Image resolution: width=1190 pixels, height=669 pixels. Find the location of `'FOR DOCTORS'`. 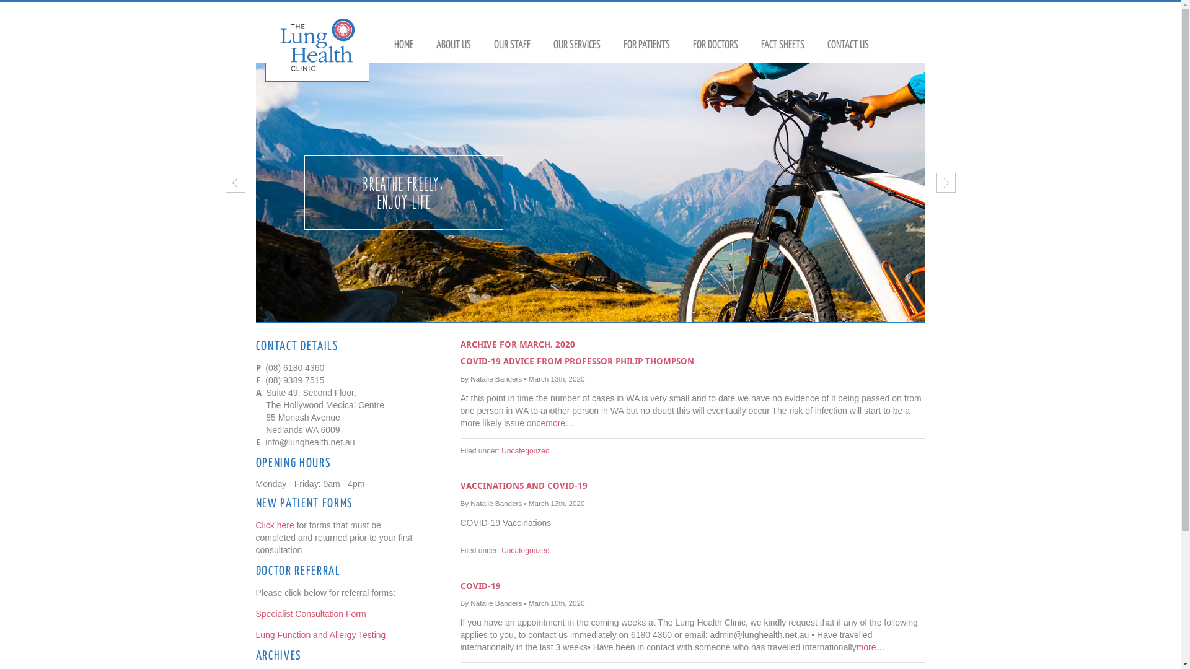

'FOR DOCTORS' is located at coordinates (715, 45).